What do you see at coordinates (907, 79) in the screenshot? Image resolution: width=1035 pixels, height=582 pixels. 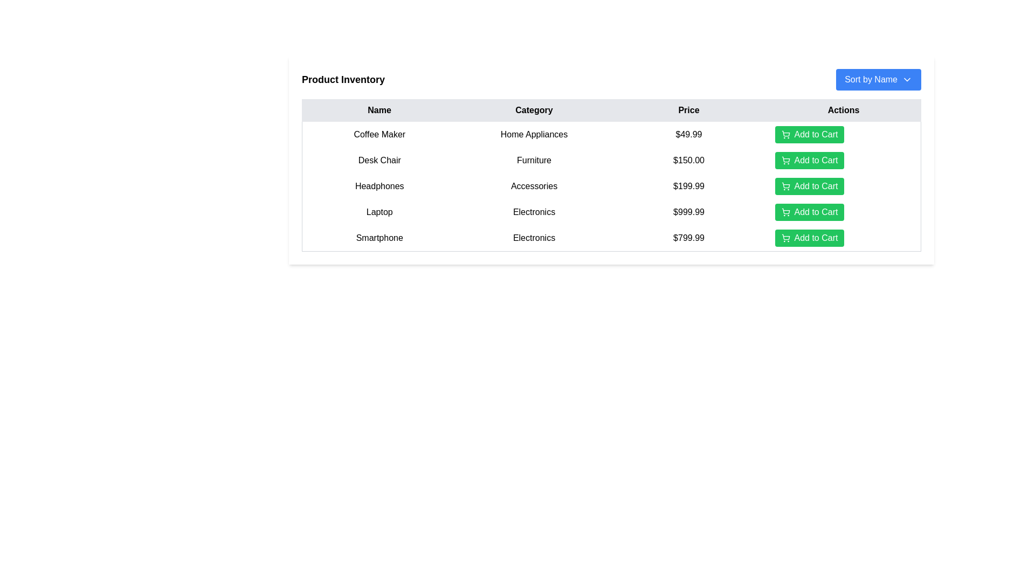 I see `the downward-pointing chevron icon with a light blue background, located to the right of the 'Sort by Name' text` at bounding box center [907, 79].